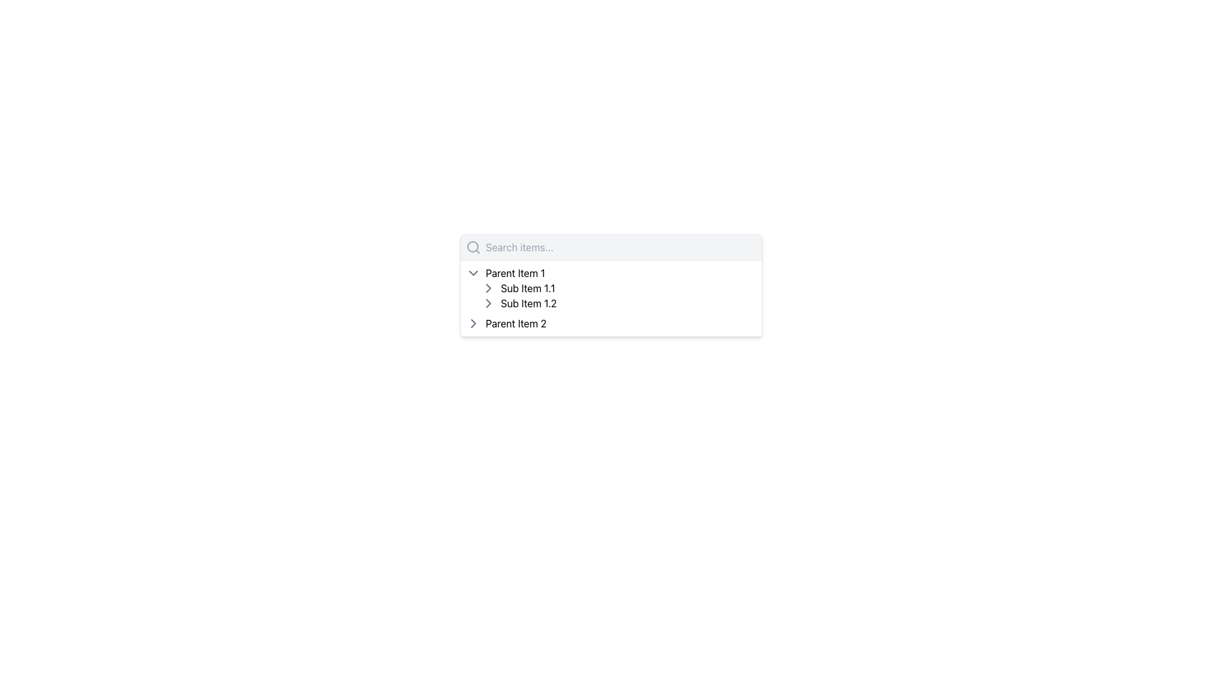 The height and width of the screenshot is (680, 1209). Describe the element at coordinates (472, 247) in the screenshot. I see `the Interactive Icon located on the left side of the search input field labeled 'Search items...' in the upper part of a dropdown menu` at that location.